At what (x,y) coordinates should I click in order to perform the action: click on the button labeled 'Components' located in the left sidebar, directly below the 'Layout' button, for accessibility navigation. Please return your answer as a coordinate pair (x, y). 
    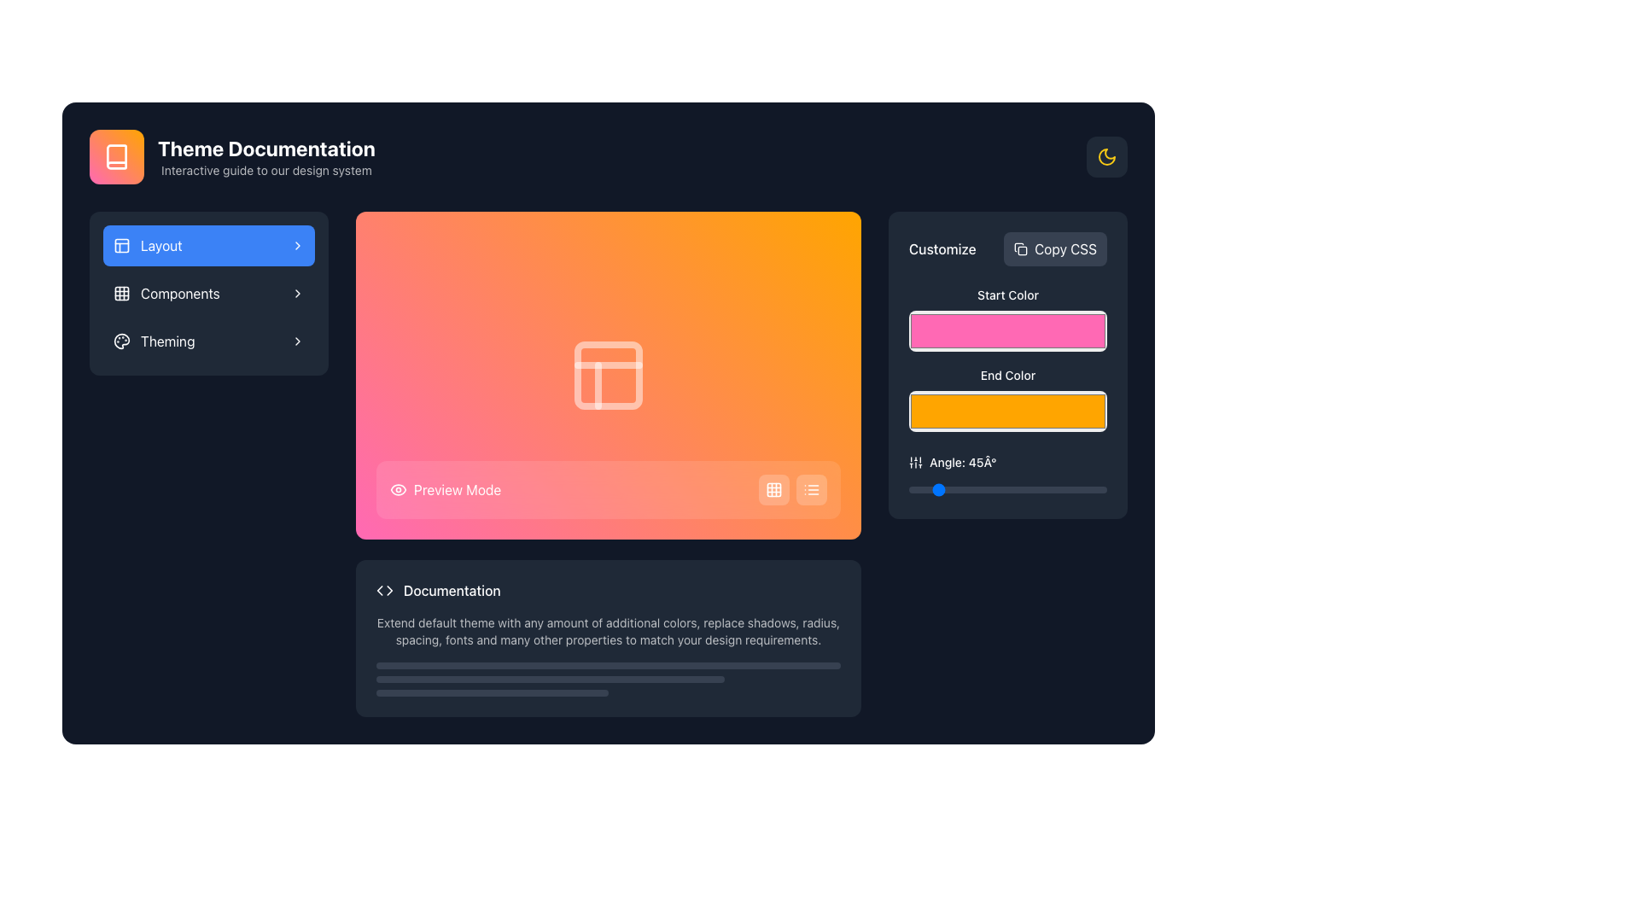
    Looking at the image, I should click on (207, 292).